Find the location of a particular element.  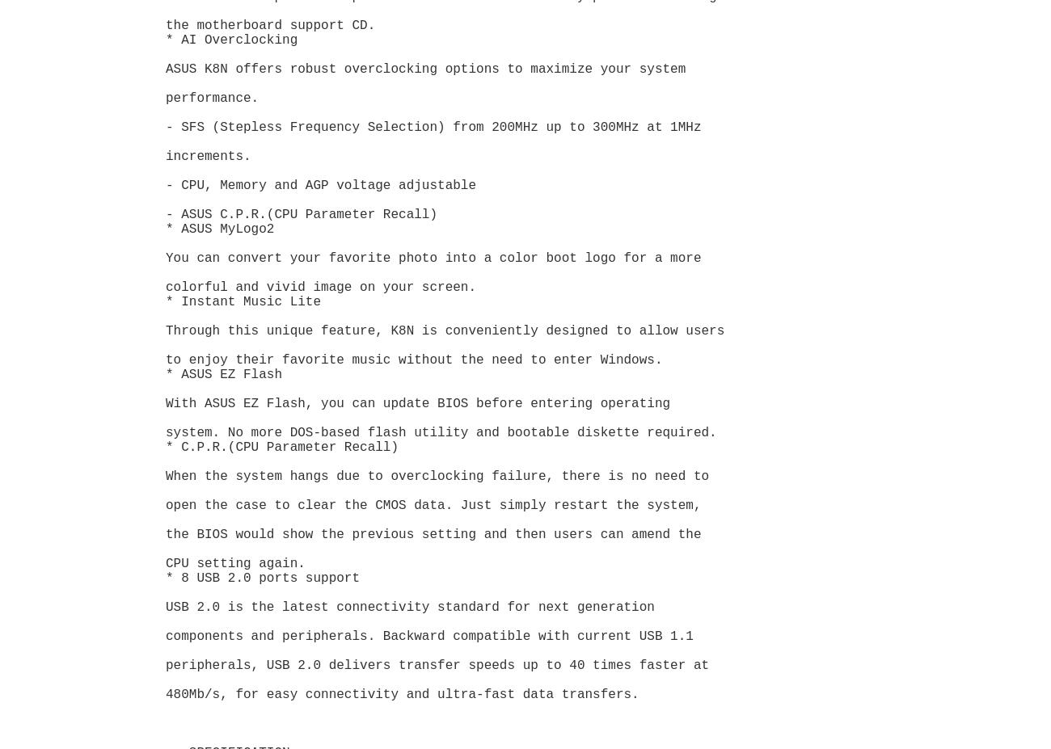

'* 8 USB 2.0 ports support' is located at coordinates (263, 578).